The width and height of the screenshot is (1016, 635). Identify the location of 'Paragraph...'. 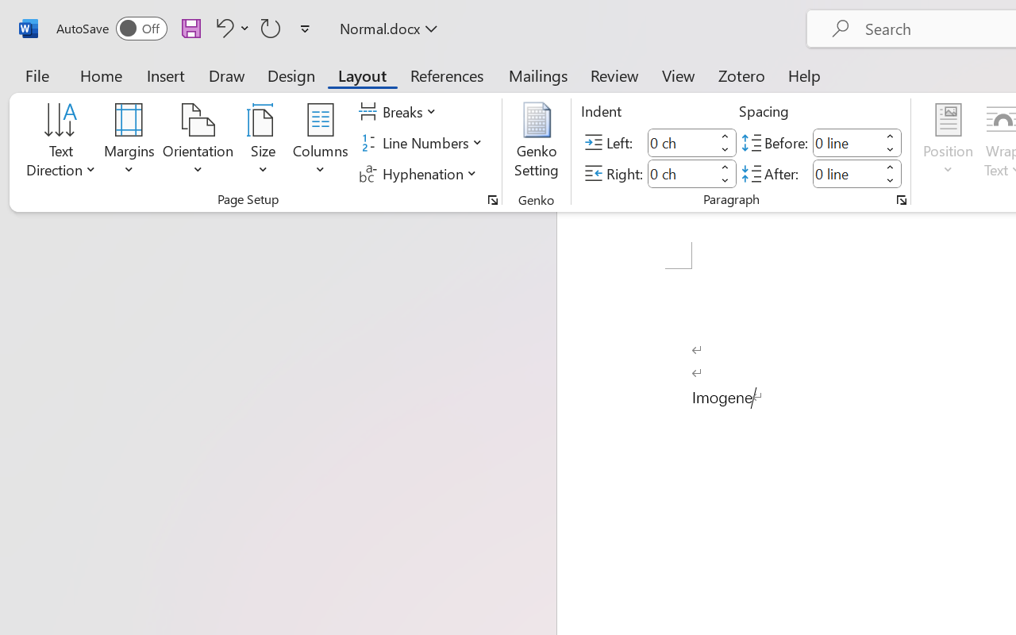
(902, 199).